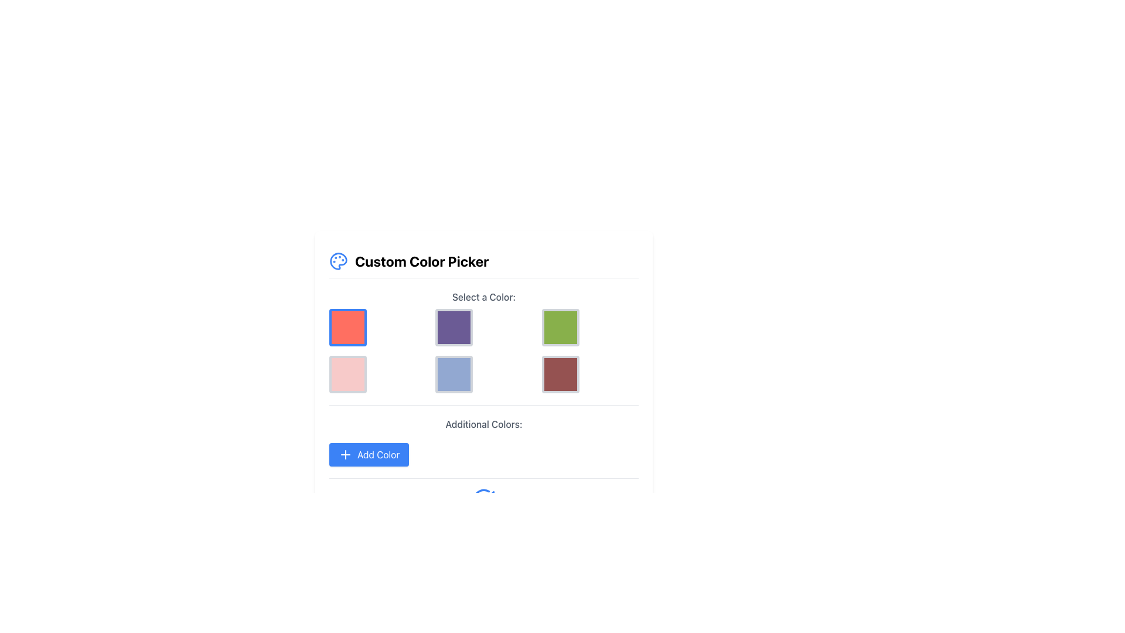 This screenshot has height=633, width=1125. Describe the element at coordinates (560, 375) in the screenshot. I see `the clickable color swatch with a reddish-brown fill color located in the bottom-right corner of the grid layout` at that location.